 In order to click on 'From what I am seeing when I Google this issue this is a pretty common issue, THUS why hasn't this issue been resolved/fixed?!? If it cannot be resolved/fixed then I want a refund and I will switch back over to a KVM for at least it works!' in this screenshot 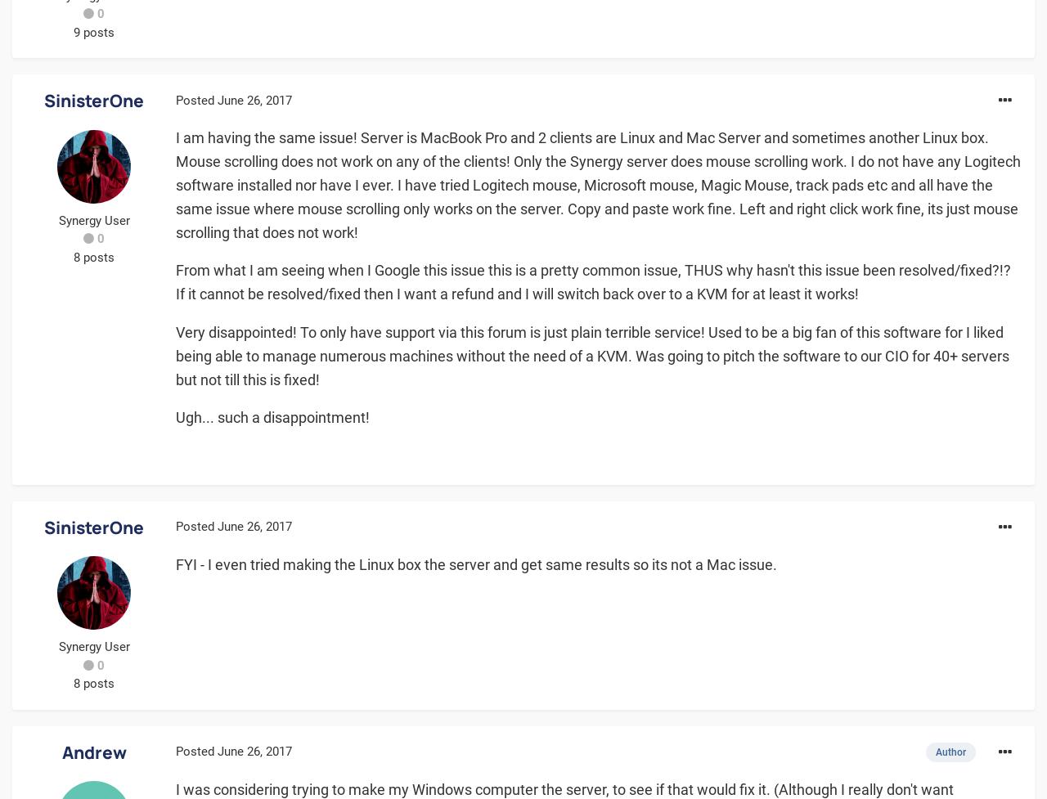, I will do `click(592, 281)`.